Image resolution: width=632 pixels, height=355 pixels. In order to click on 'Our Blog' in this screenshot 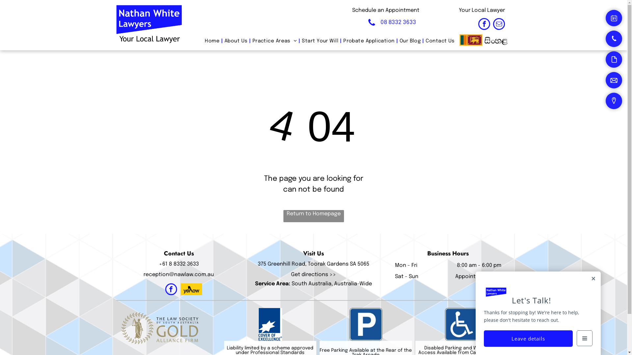, I will do `click(410, 41)`.